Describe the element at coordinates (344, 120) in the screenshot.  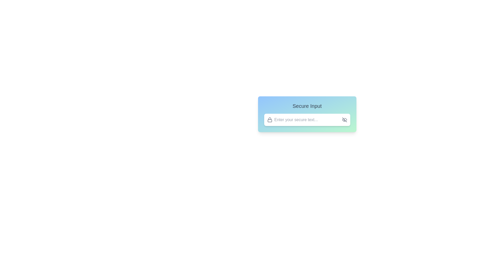
I see `the icon button resembling a crossed-out eye, located to the far right of the password input field` at that location.